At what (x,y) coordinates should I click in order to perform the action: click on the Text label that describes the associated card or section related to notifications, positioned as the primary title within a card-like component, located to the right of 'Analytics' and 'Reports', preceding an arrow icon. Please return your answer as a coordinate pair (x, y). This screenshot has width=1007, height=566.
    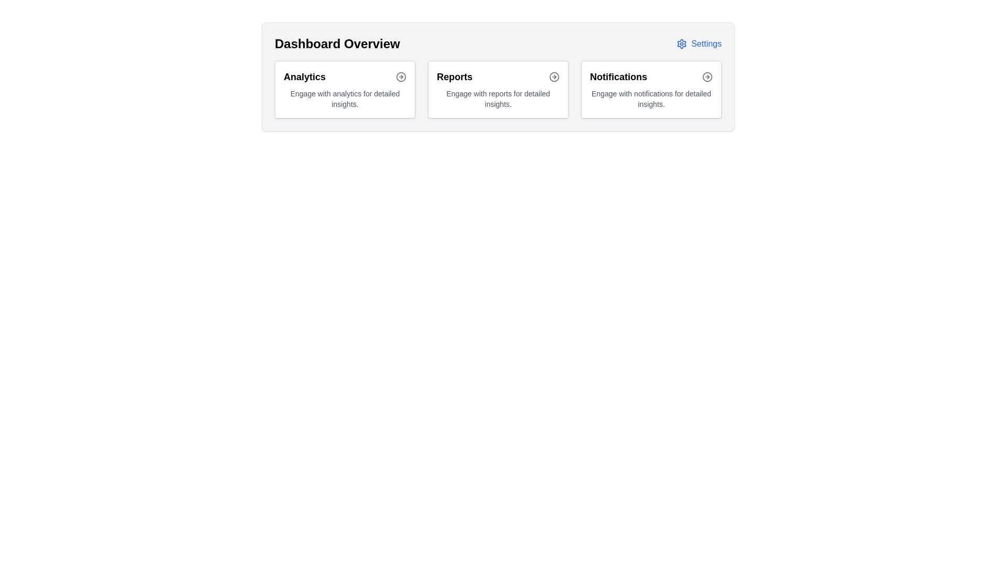
    Looking at the image, I should click on (618, 76).